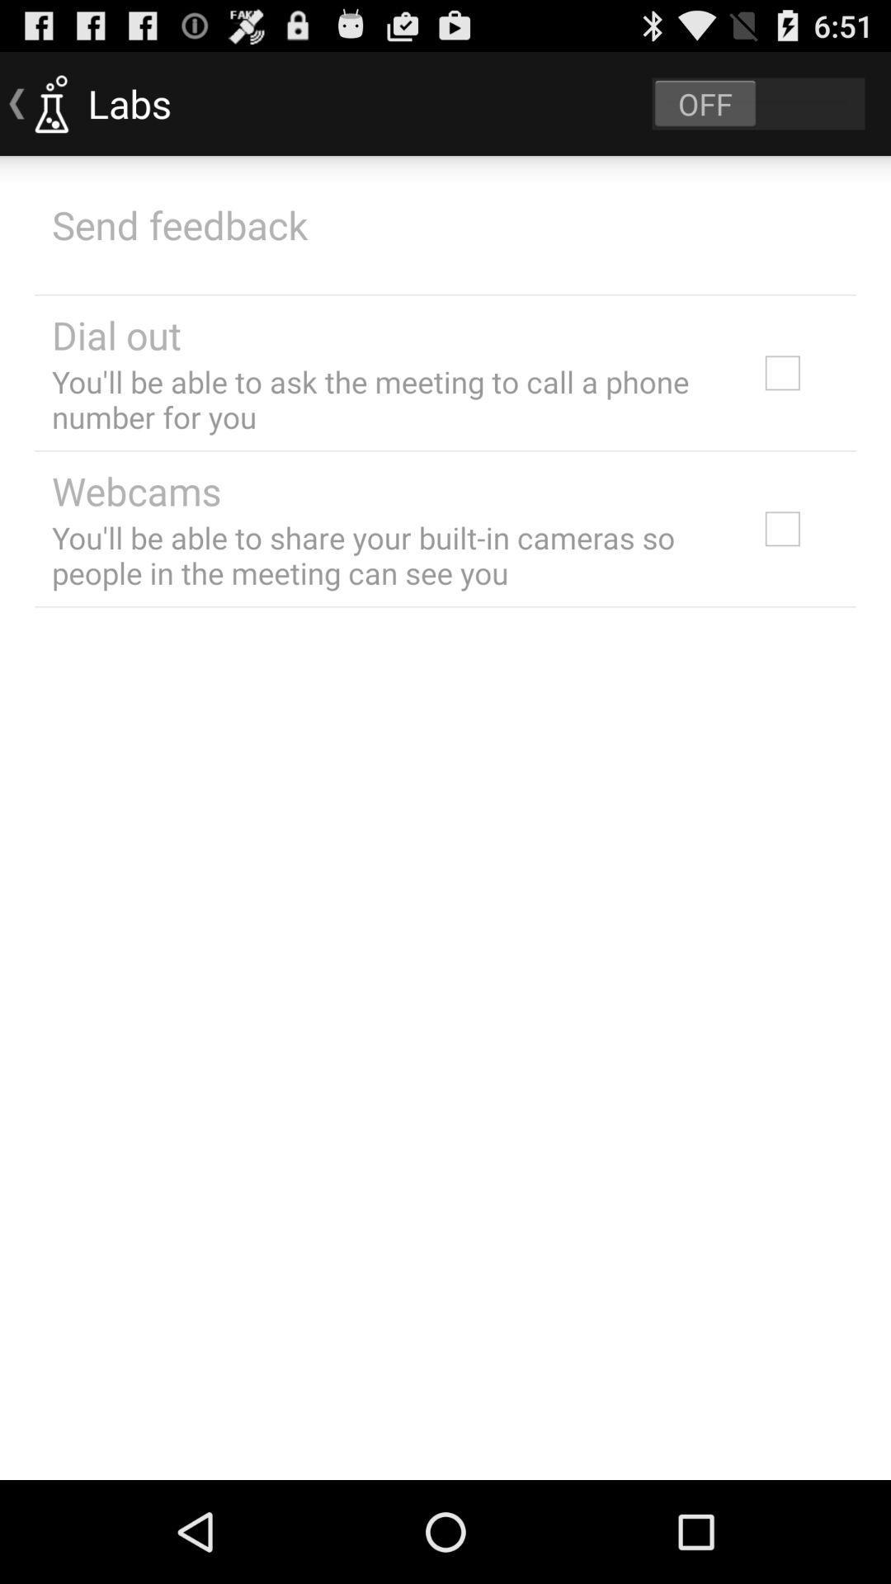 This screenshot has height=1584, width=891. I want to click on the radio button represented to off or on option to particular information, so click(758, 102).